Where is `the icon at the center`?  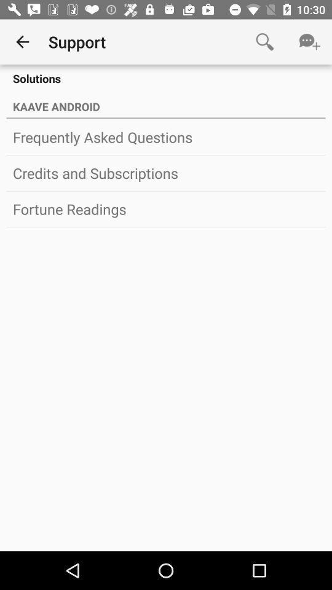
the icon at the center is located at coordinates (166, 209).